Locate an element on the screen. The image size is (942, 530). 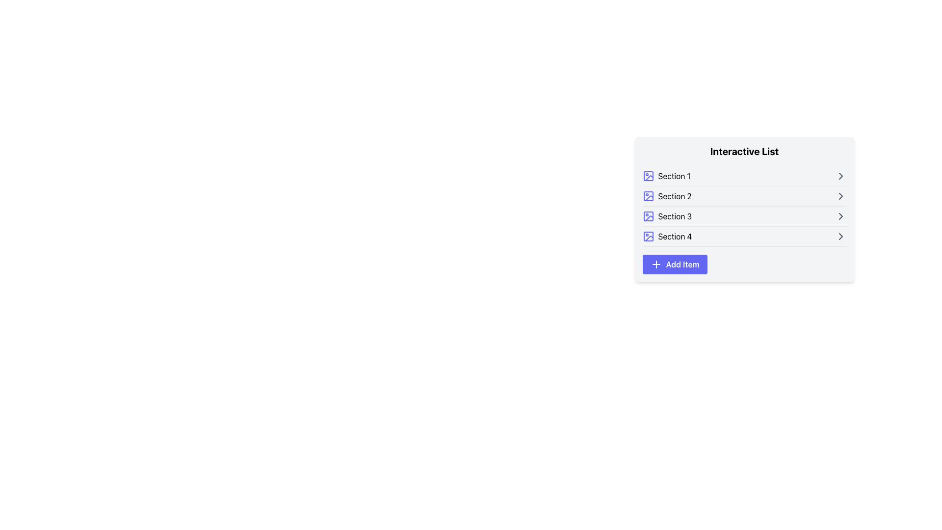
the indigo graphical icon resembling an image frame with a circular detail and a diagonal line, located to the left of the text label 'Section 1' is located at coordinates (648, 175).